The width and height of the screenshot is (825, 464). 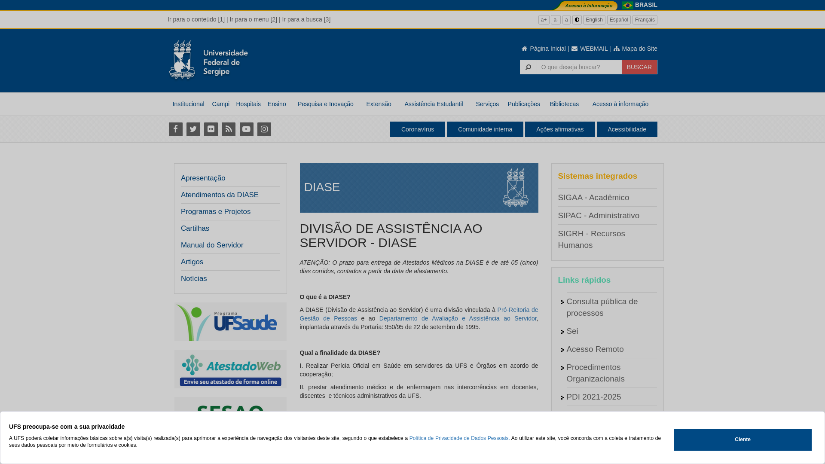 I want to click on 'Twitter', so click(x=192, y=129).